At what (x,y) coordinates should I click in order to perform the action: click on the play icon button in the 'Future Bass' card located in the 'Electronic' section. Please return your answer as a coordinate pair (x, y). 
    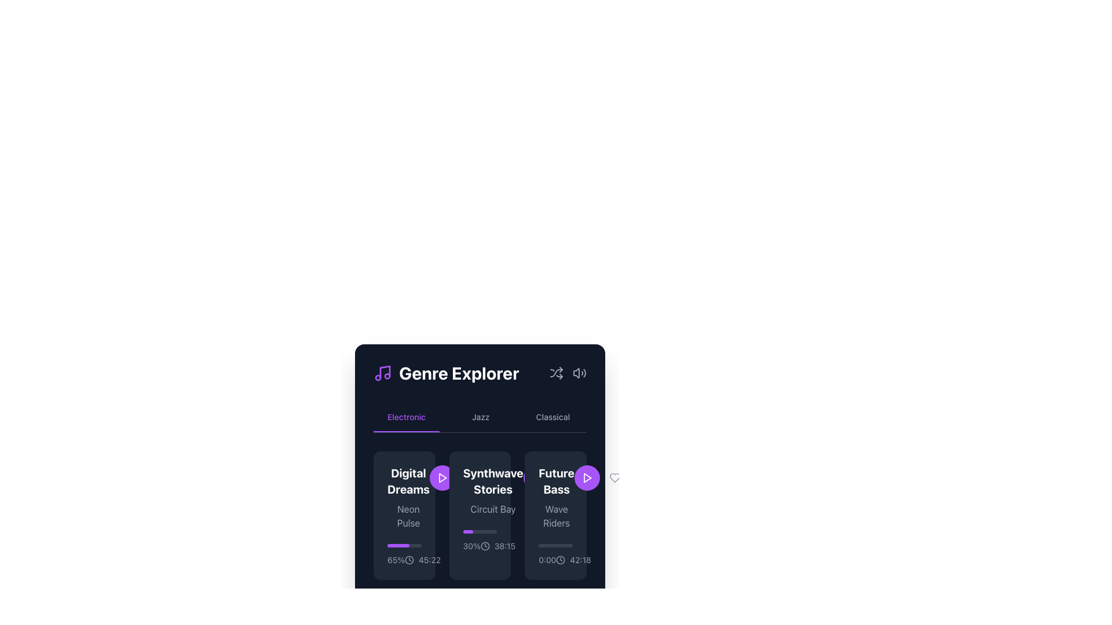
    Looking at the image, I should click on (535, 477).